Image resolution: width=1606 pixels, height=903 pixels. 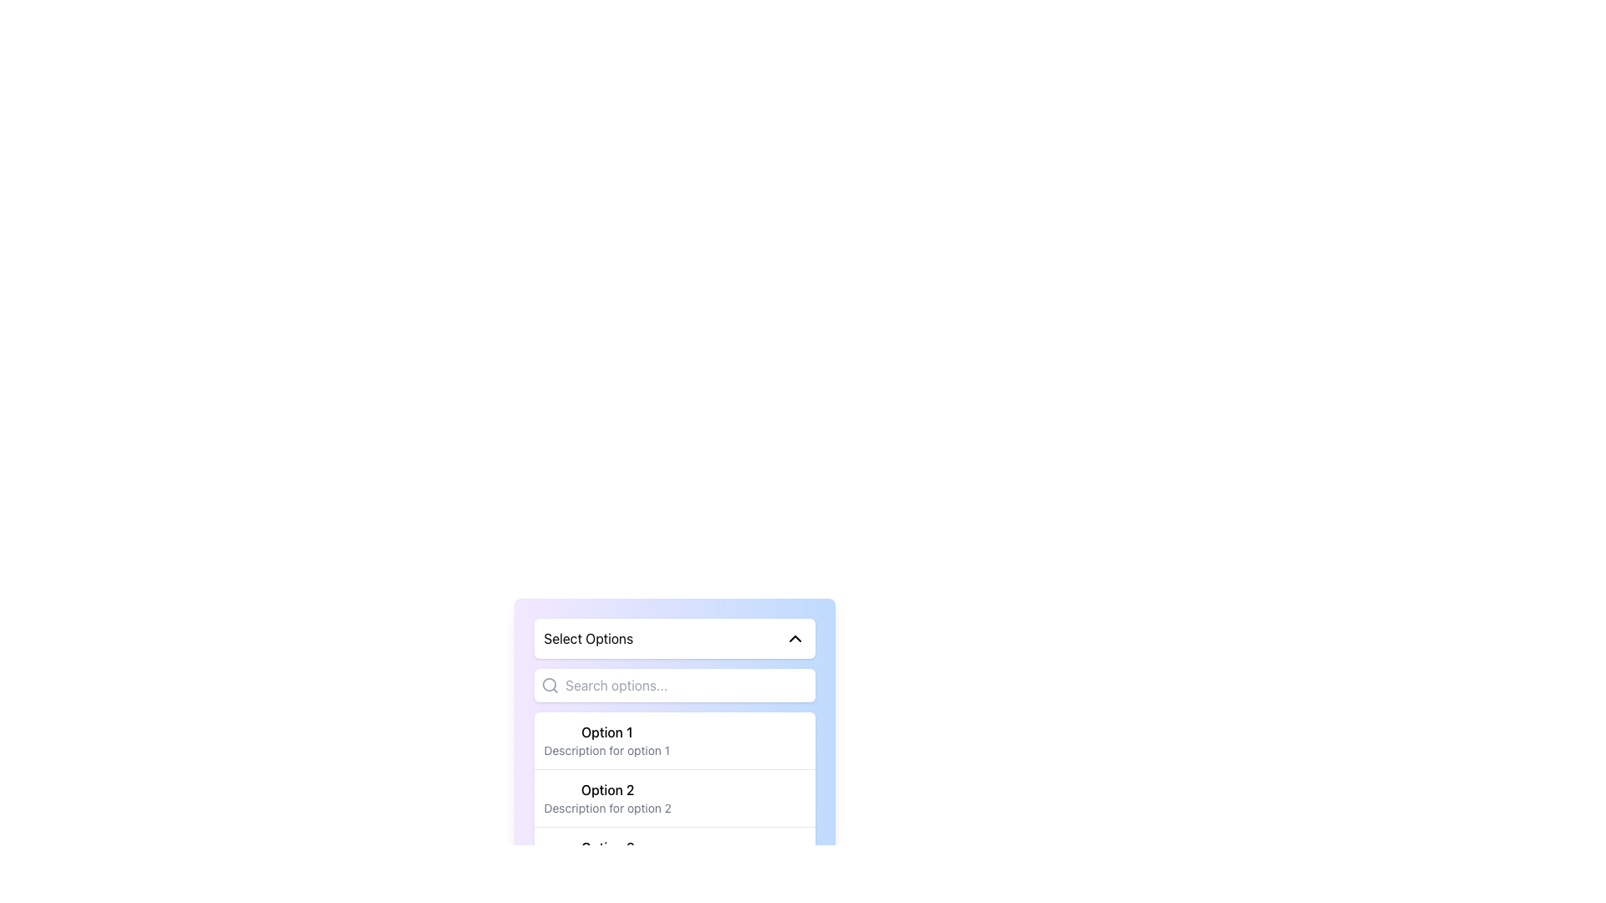 What do you see at coordinates (606, 798) in the screenshot?
I see `the 'Option 2' list item` at bounding box center [606, 798].